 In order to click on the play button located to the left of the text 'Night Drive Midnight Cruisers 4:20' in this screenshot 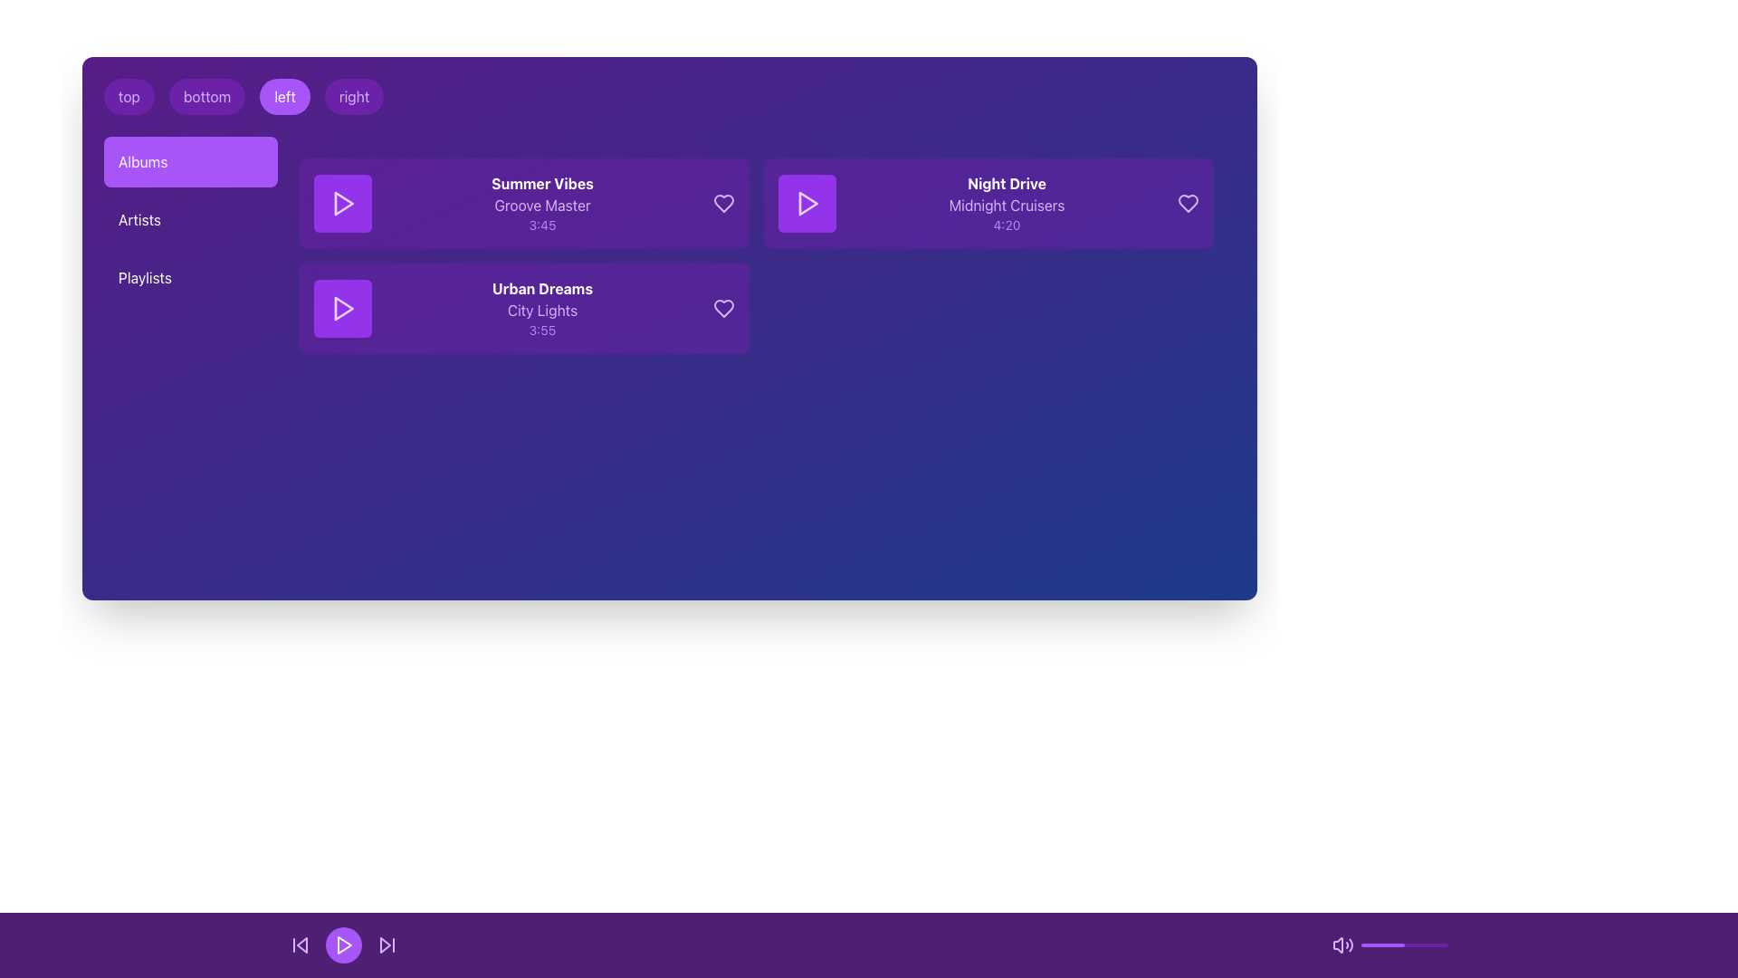, I will do `click(807, 203)`.